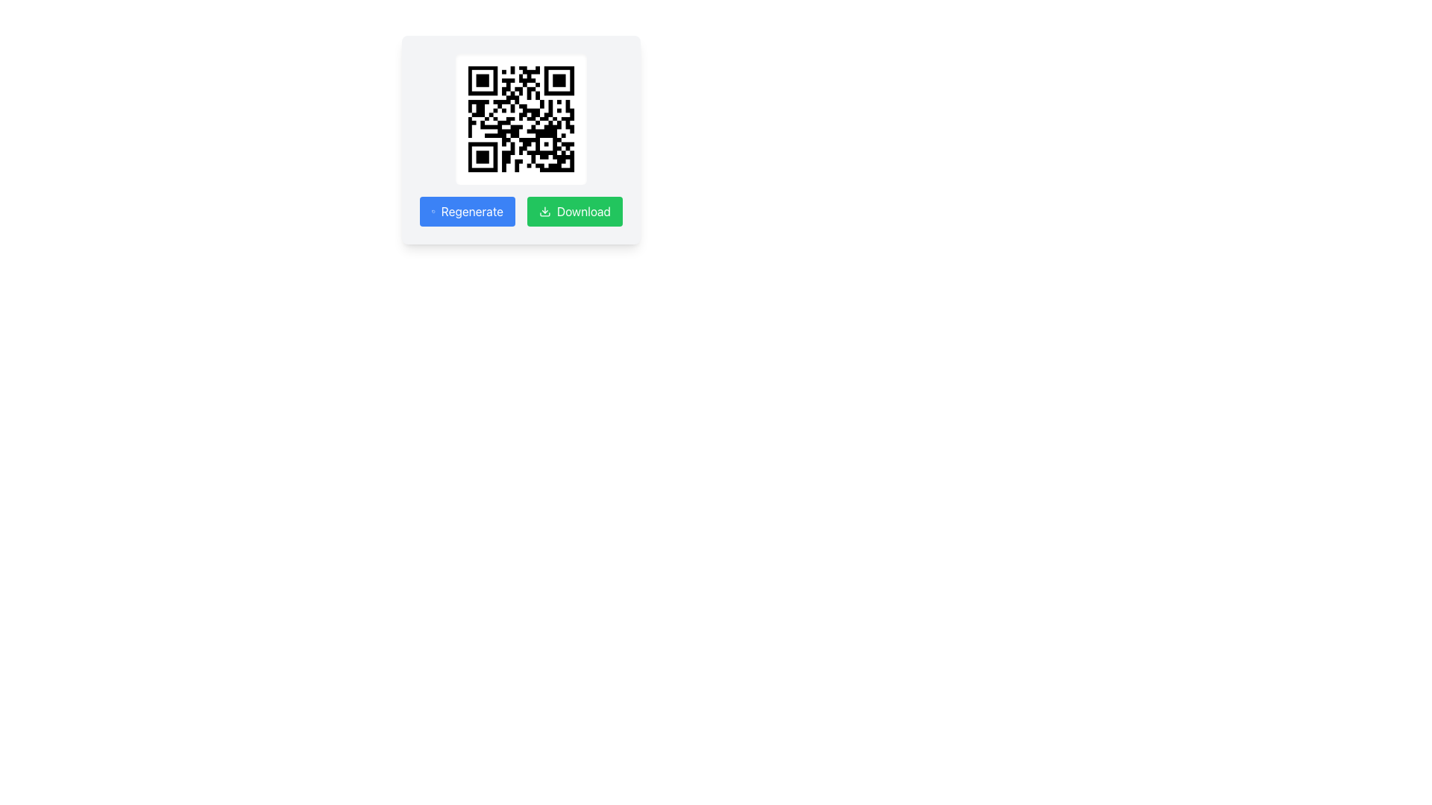  Describe the element at coordinates (544, 212) in the screenshot. I see `the download icon (SVG) located to the left of the 'Download' button in the lower right portion of the interface` at that location.